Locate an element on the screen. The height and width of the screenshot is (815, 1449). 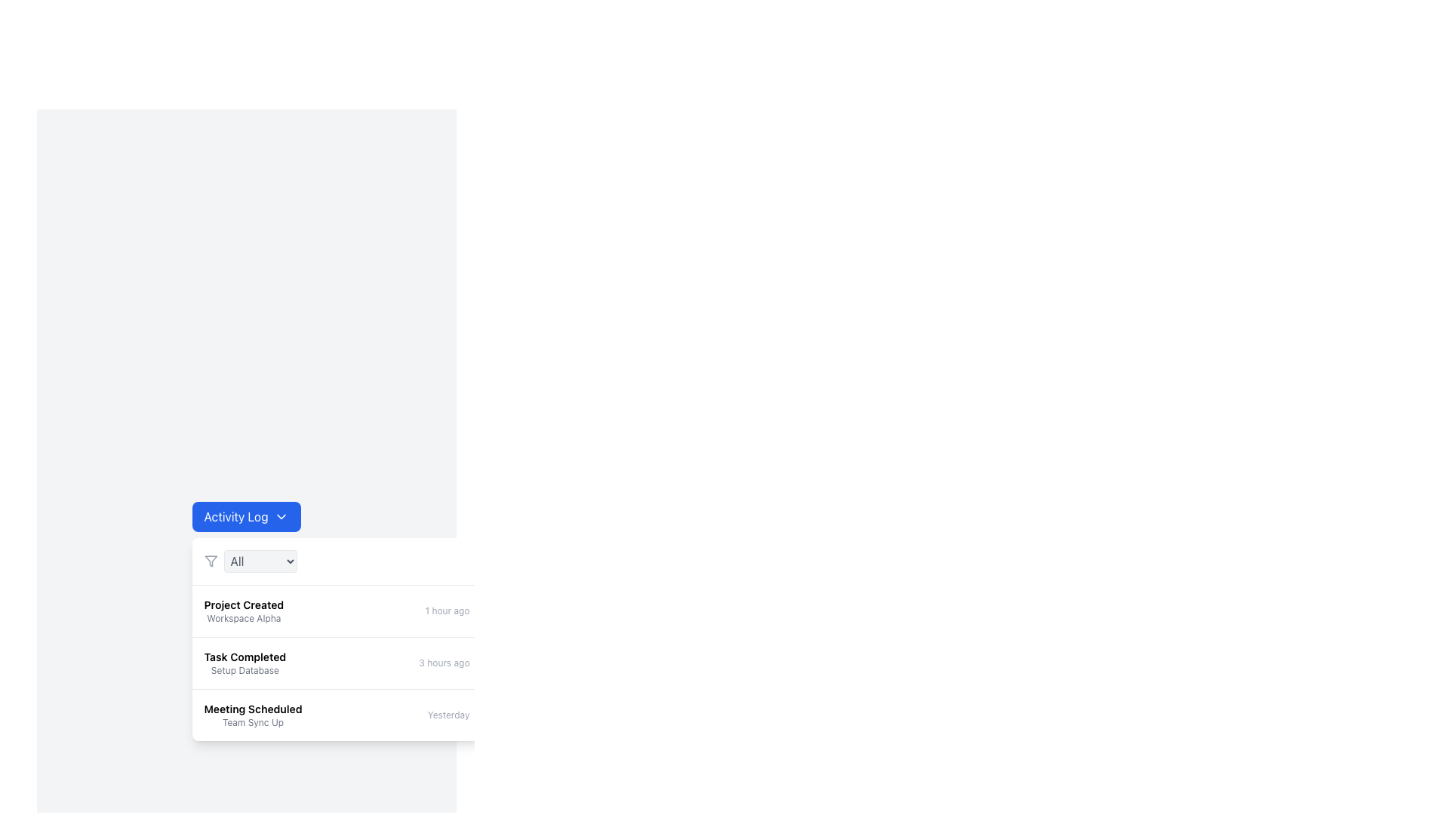
an option from the dropdown menu labeled 'All', which is the first visible element in the activity log card, located at the top of the section is located at coordinates (336, 561).